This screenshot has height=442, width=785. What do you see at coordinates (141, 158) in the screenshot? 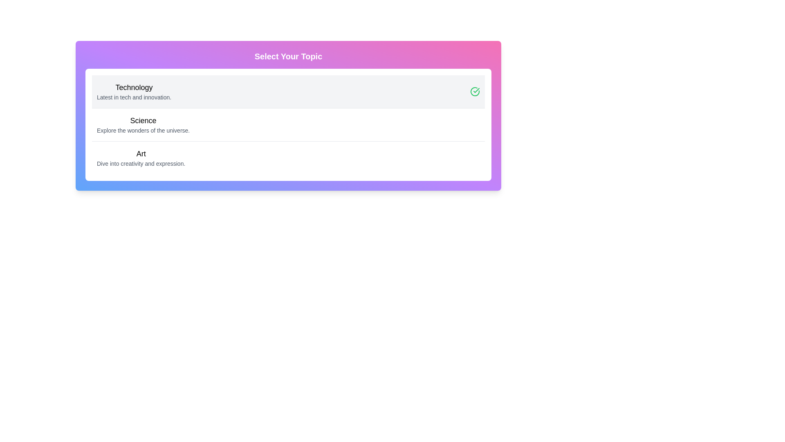
I see `the text block containing the heading 'Art' and the subtitle 'Dive into creativity and expression.' which is centrally aligned and positioned between the 'Science' item and subsequent topics in the list` at bounding box center [141, 158].